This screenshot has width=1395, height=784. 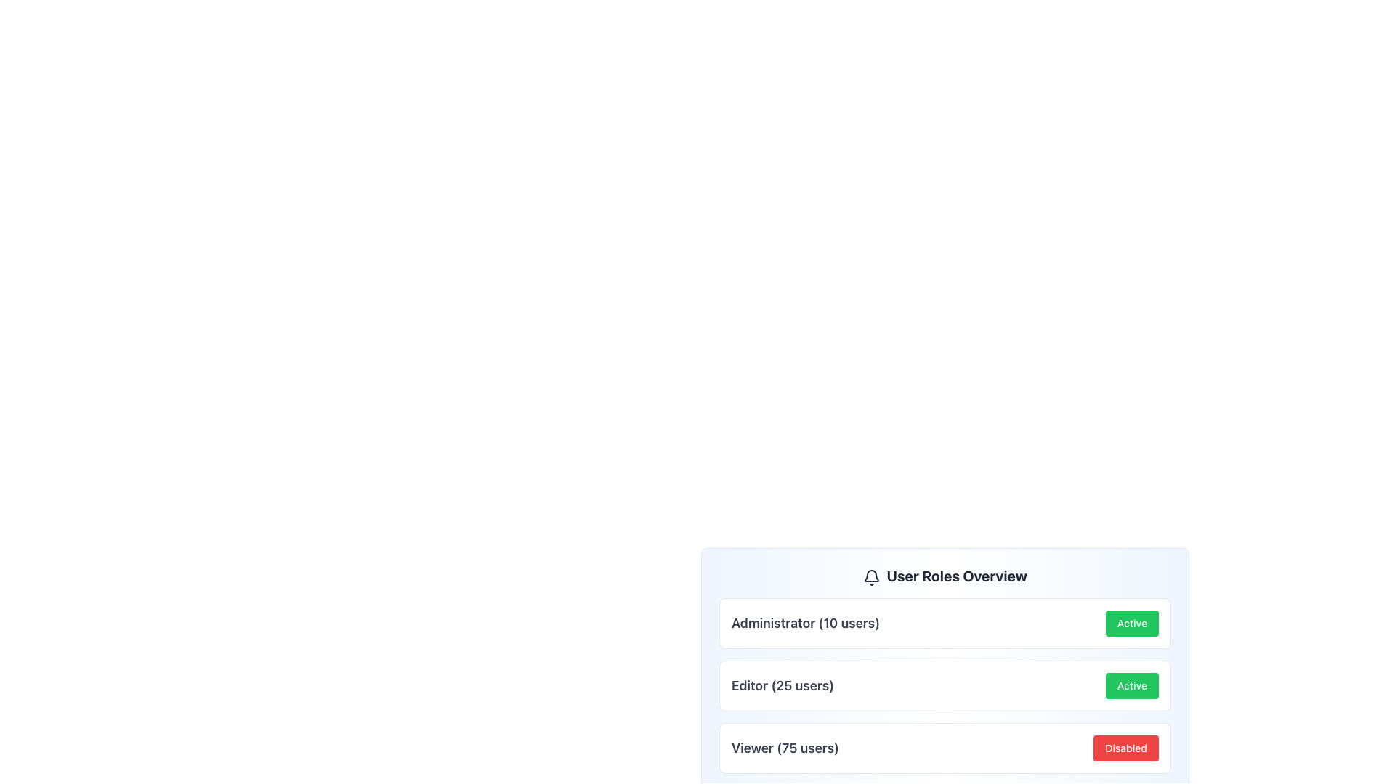 What do you see at coordinates (945, 576) in the screenshot?
I see `the static text header element labeled 'User Roles Overview' that features a bell icon to the left, indicating notifications` at bounding box center [945, 576].